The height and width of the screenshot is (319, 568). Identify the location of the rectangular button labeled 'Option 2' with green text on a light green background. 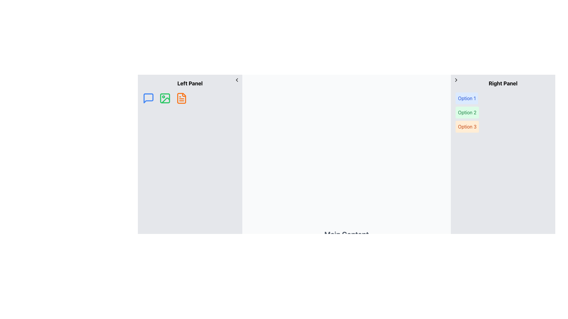
(467, 113).